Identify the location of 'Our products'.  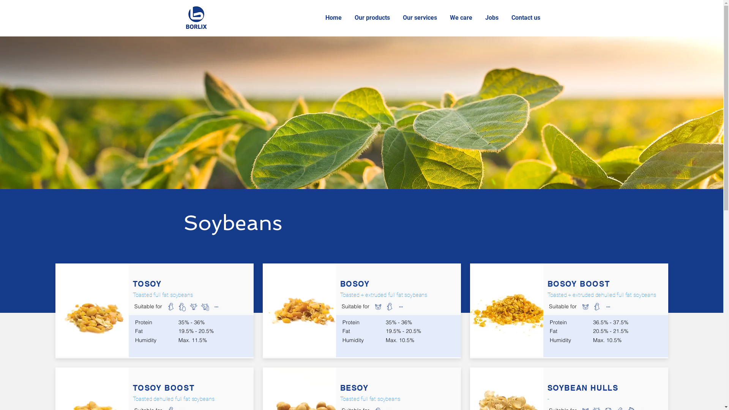
(372, 17).